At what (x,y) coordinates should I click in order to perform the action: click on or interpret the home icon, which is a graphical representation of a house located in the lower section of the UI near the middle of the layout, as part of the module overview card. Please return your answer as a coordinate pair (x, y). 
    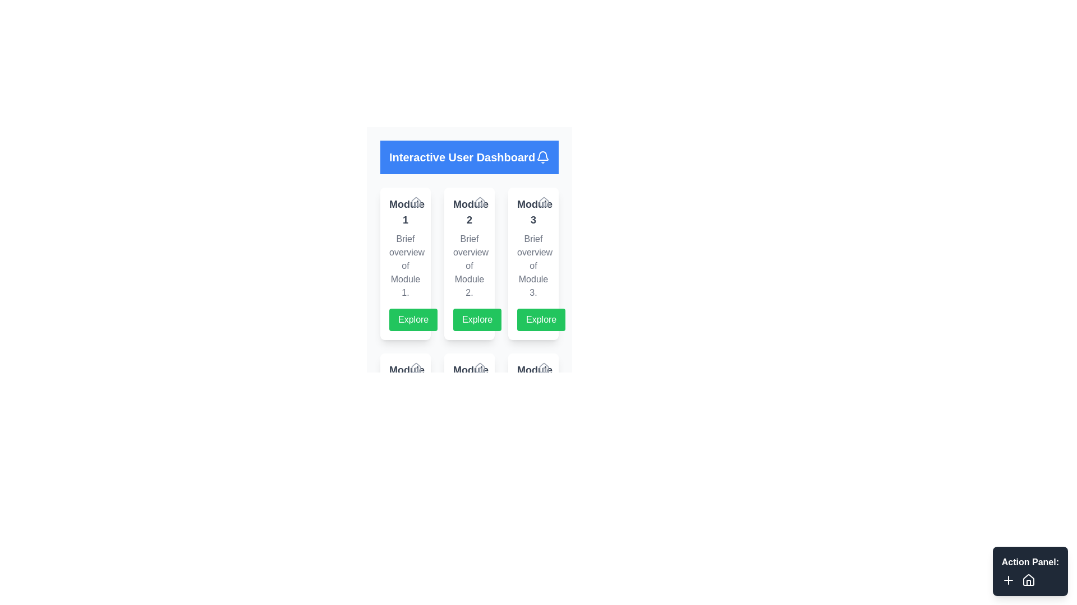
    Looking at the image, I should click on (480, 367).